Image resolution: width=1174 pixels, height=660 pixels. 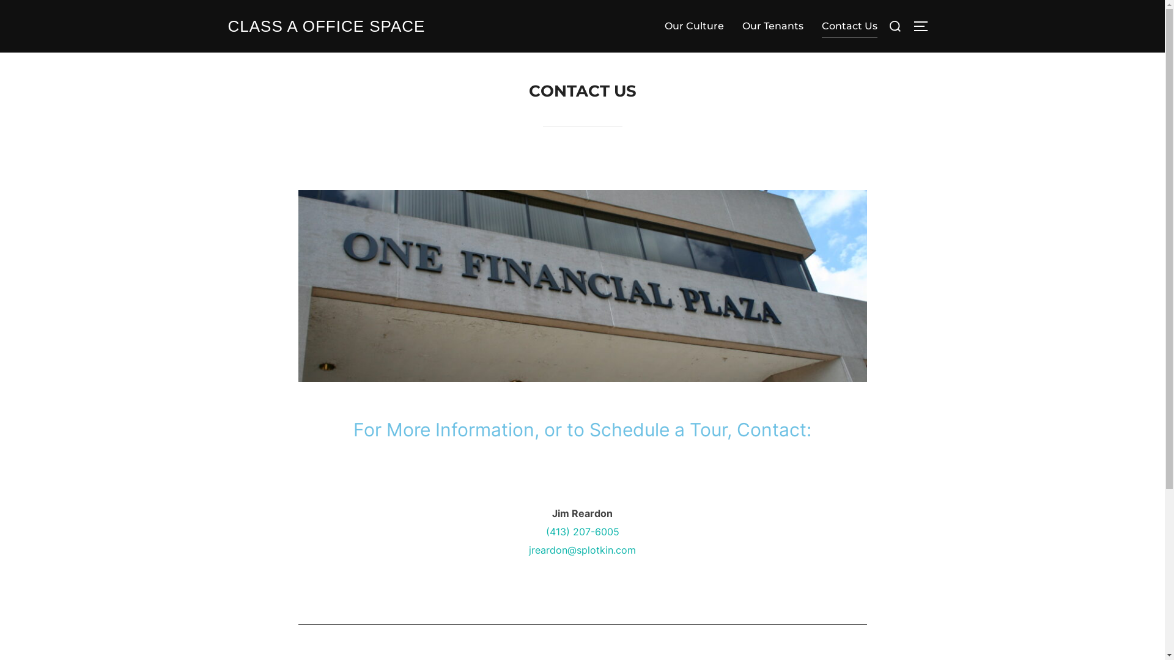 What do you see at coordinates (581, 531) in the screenshot?
I see `'(413) 207-6005'` at bounding box center [581, 531].